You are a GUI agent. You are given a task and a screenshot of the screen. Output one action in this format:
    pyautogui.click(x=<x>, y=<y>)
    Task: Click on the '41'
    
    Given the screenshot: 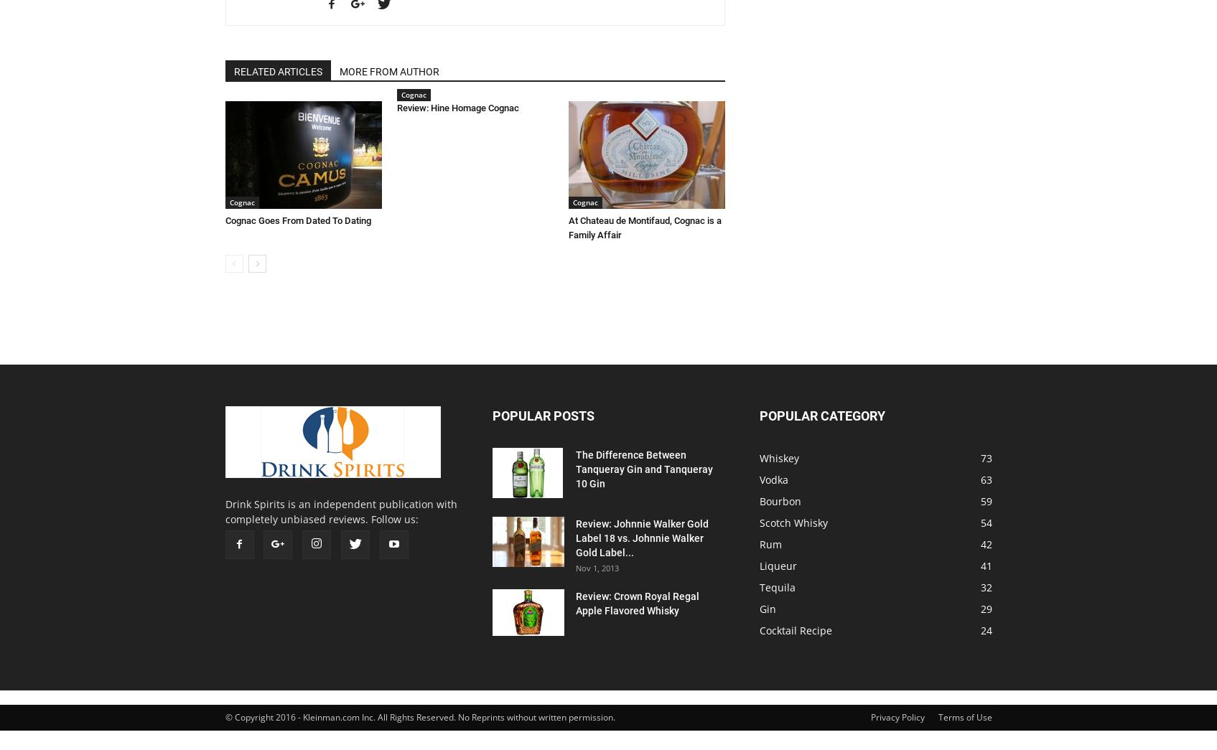 What is the action you would take?
    pyautogui.click(x=984, y=566)
    